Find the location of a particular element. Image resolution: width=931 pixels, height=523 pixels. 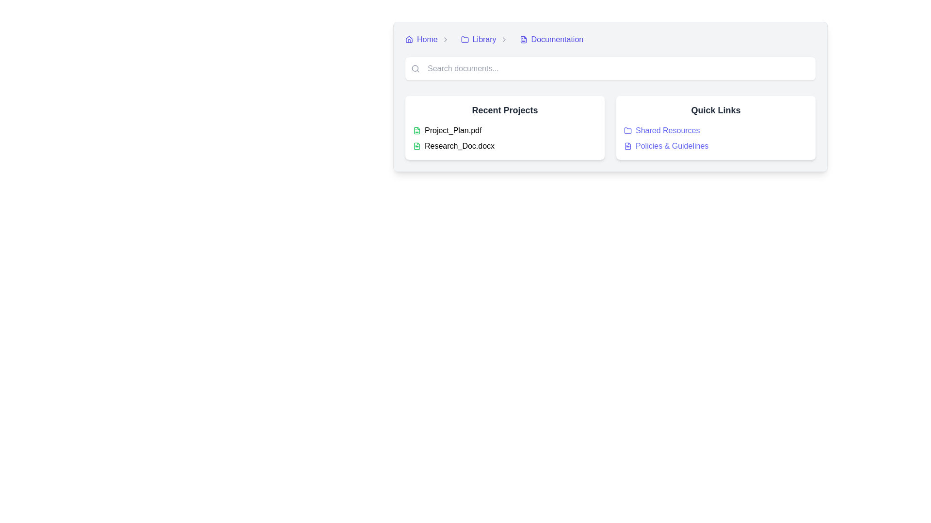

the styling of the text label labeled 'Home', which is styled in blue font and placed to the right of a house icon within a breadcrumb navigation structure is located at coordinates (427, 39).